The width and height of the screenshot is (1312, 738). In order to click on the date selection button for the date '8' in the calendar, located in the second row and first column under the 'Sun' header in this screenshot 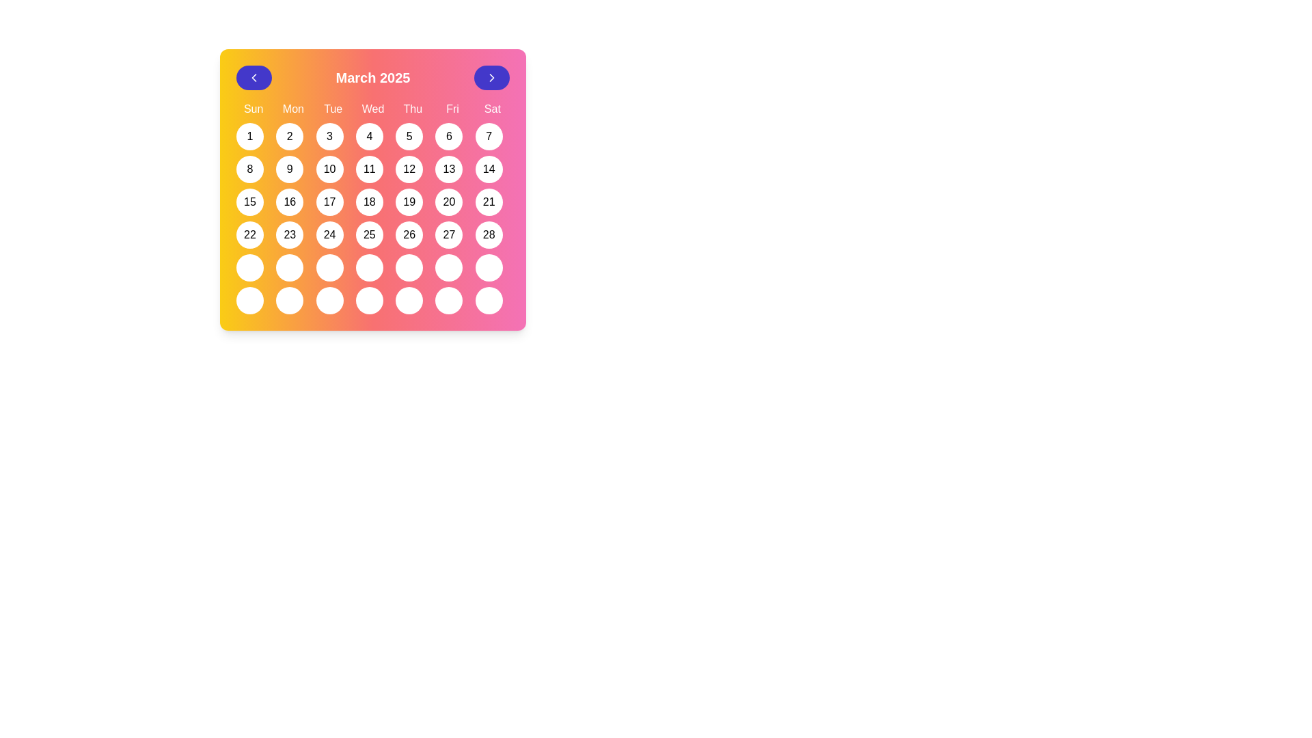, I will do `click(249, 168)`.